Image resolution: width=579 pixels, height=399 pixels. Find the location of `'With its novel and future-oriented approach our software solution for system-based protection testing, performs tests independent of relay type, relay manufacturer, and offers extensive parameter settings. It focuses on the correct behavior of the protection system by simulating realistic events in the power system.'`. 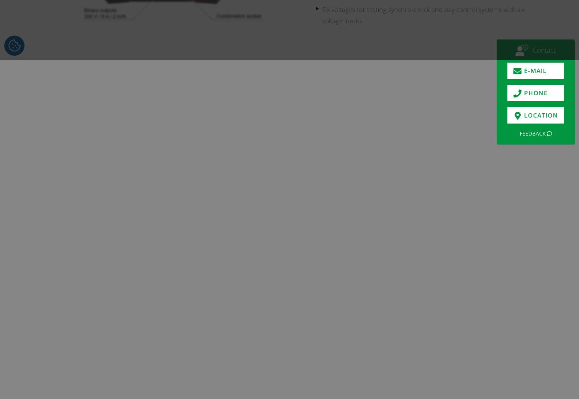

'With its novel and future-oriented approach our software solution for system-based protection testing, performs tests independent of relay type, relay manufacturer, and offers extensive parameter settings. It focuses on the correct behavior of the protection system by simulating realistic events in the power system.' is located at coordinates (239, 233).